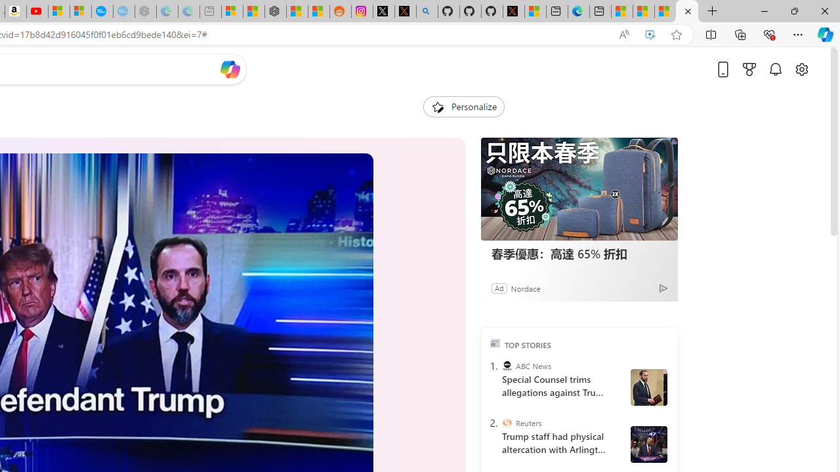 Image resolution: width=840 pixels, height=472 pixels. I want to click on 'Ad Choice', so click(663, 287).